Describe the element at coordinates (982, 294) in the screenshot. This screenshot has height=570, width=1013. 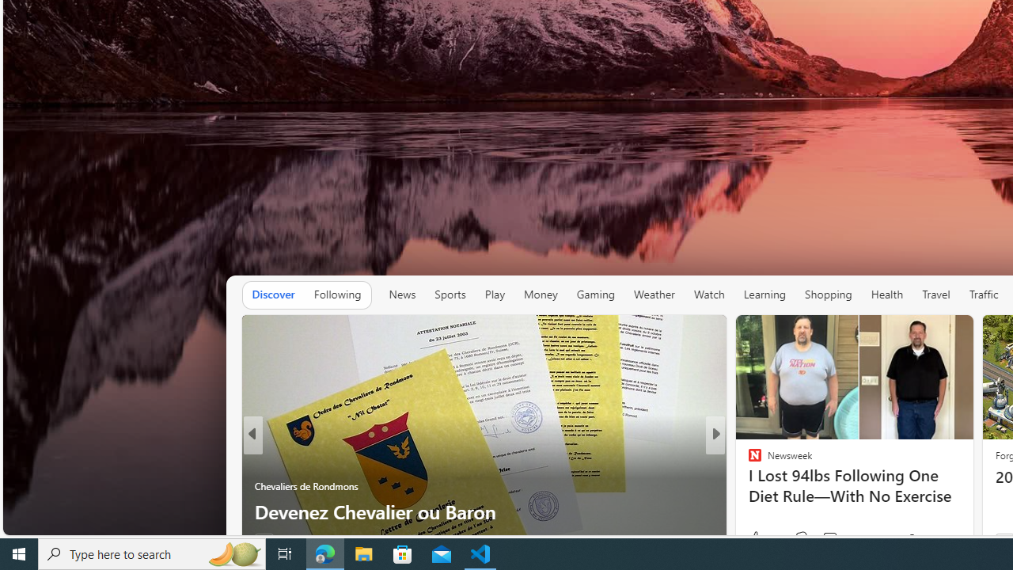
I see `'Traffic'` at that location.